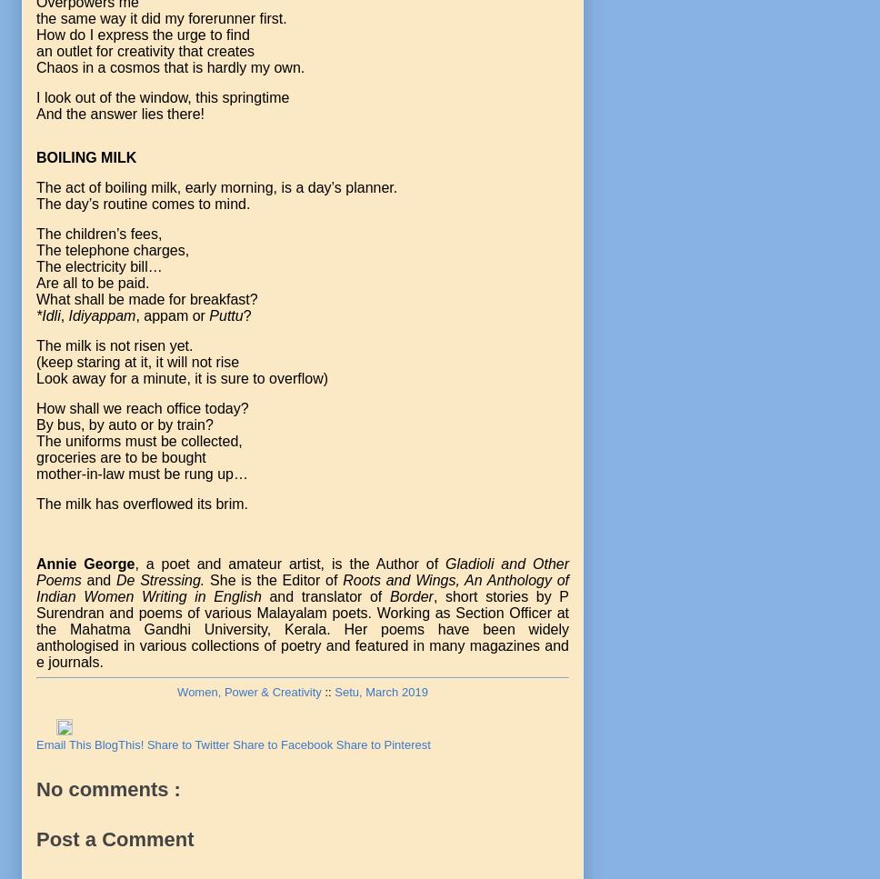 This screenshot has width=880, height=879. Describe the element at coordinates (273, 579) in the screenshot. I see `'She is the Editor of'` at that location.